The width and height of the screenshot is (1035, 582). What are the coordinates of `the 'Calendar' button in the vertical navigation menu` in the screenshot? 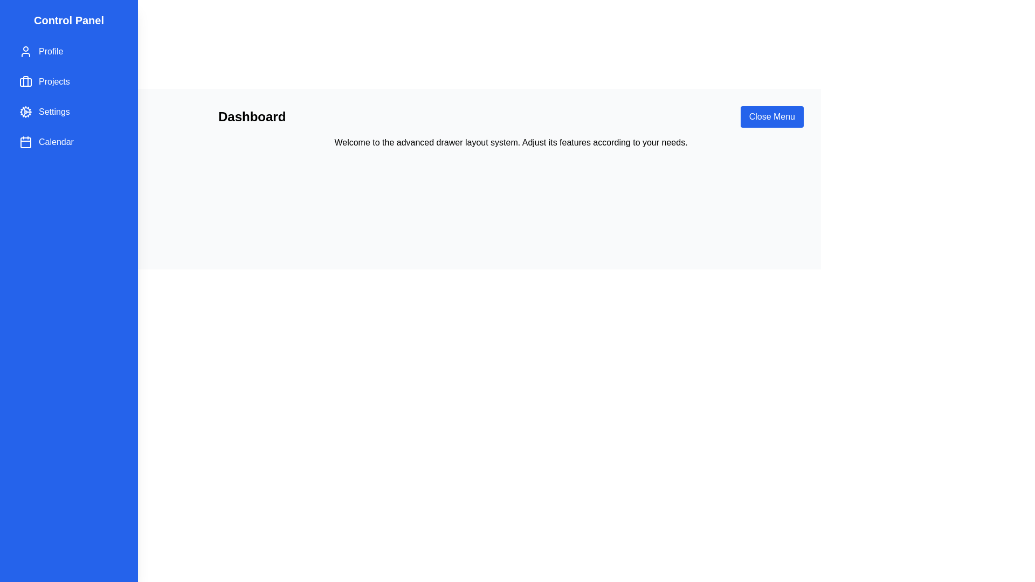 It's located at (68, 141).